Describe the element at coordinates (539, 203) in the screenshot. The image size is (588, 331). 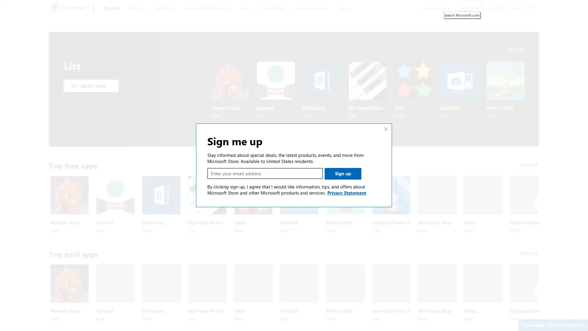
I see `Next` at that location.